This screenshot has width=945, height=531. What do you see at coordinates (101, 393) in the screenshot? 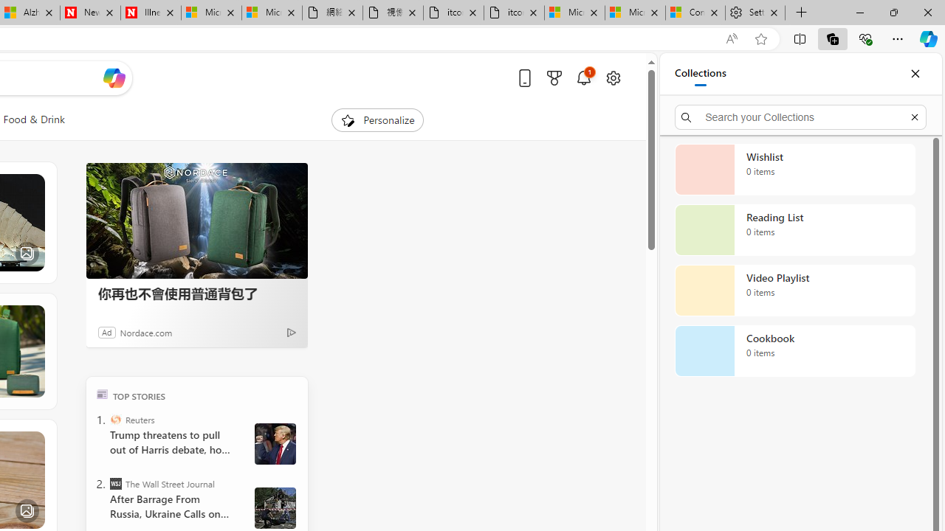
I see `'TOP'` at bounding box center [101, 393].